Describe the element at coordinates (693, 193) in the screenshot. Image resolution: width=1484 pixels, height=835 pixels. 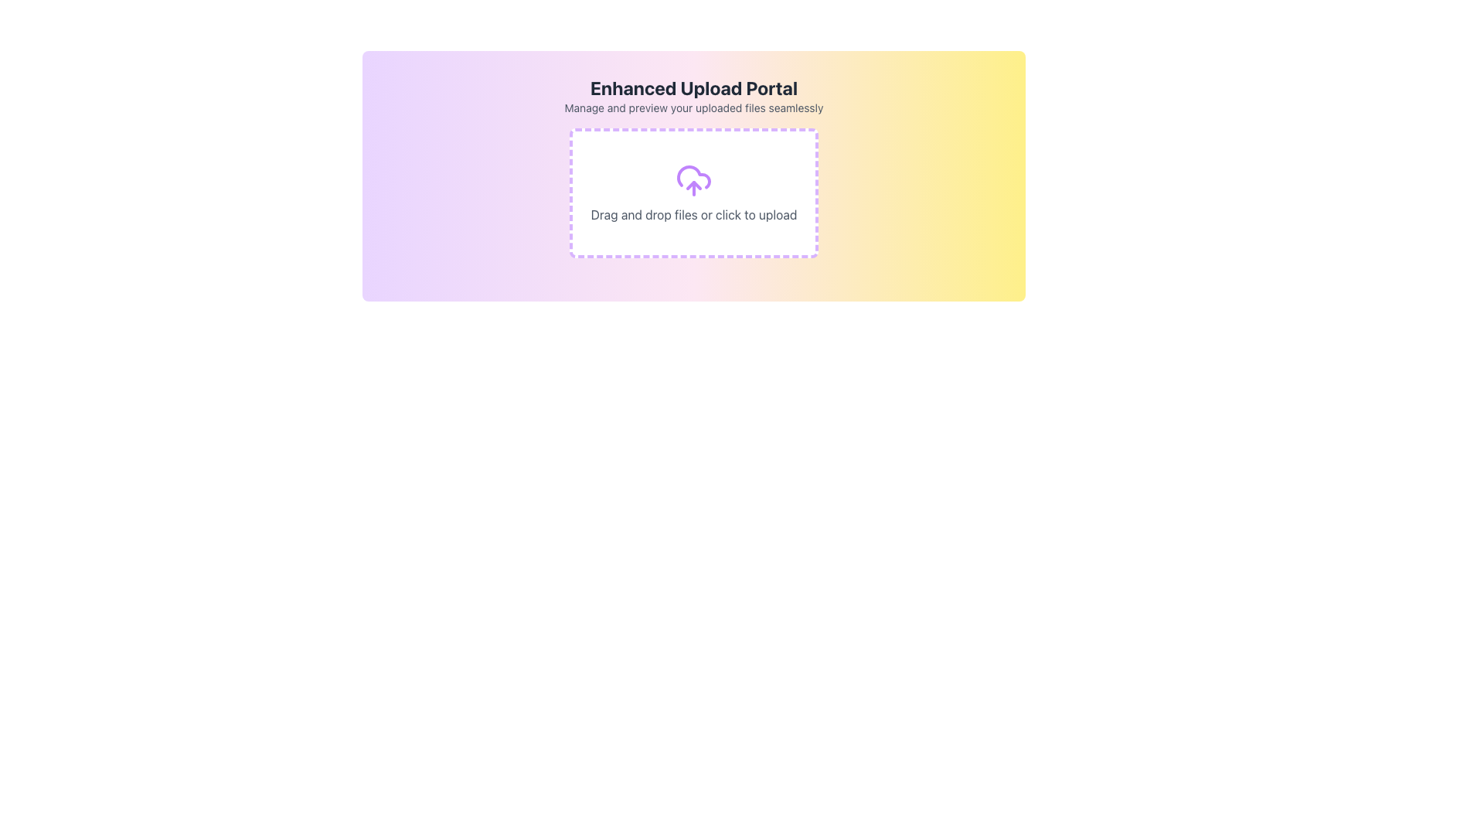
I see `files onto the File upload zone, which is a rectangular component with a white background and a dashed purple border` at that location.